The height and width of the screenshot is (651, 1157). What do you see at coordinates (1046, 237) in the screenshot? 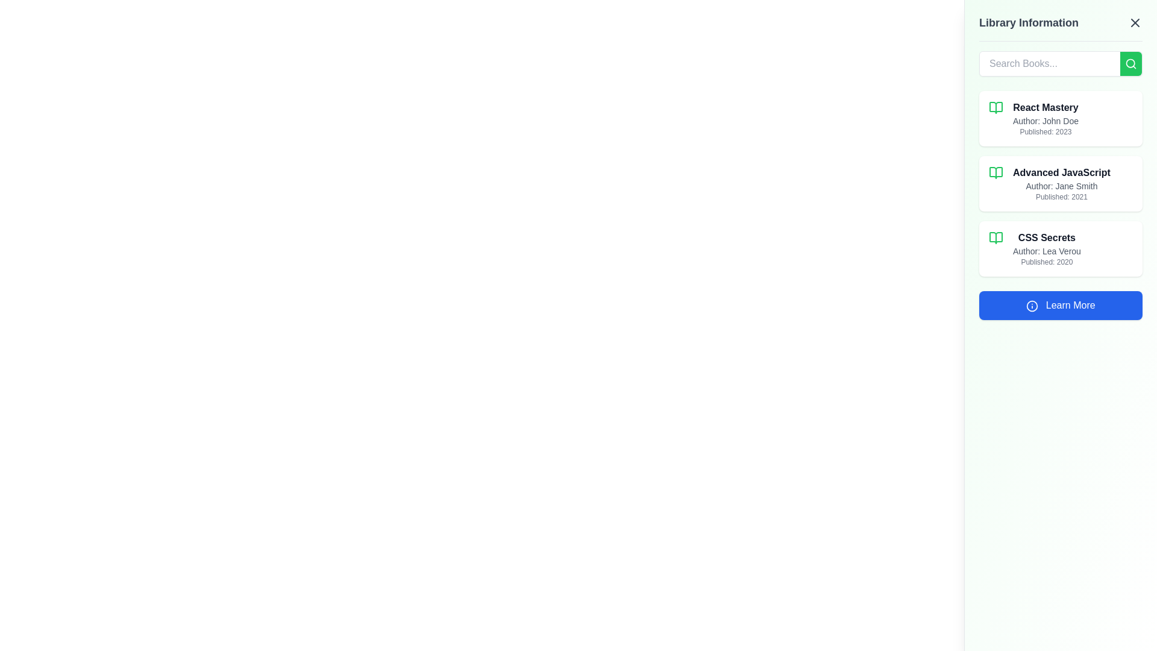
I see `the text label displaying the title 'CSS Secrets', which is styled in bold, dark gray font and is the title of the third book in the list on the right panel` at bounding box center [1046, 237].